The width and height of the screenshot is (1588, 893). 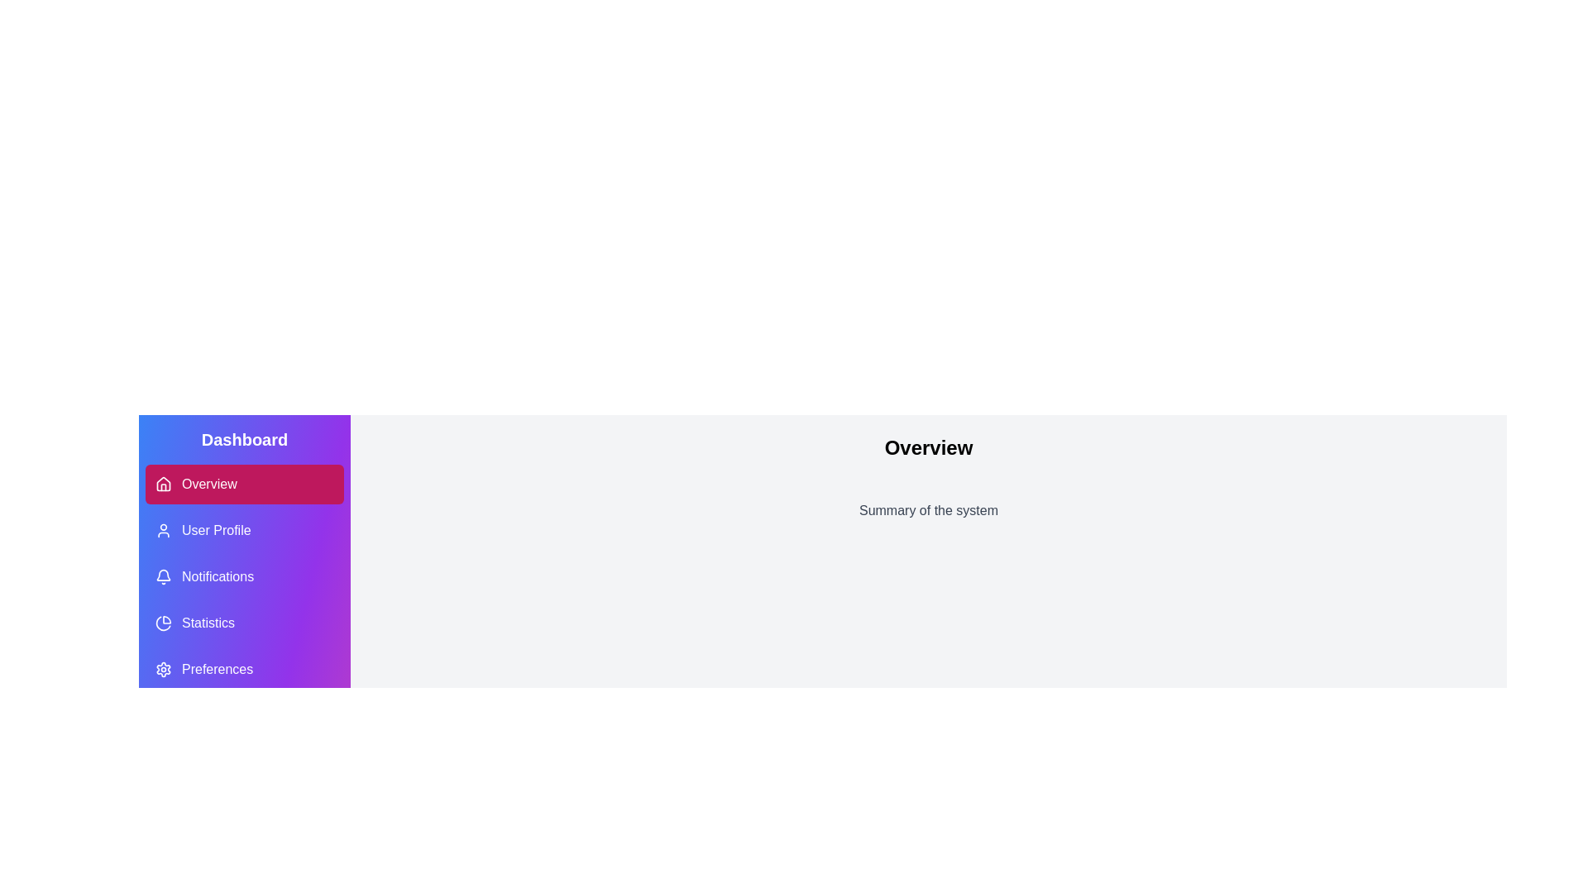 What do you see at coordinates (163, 576) in the screenshot?
I see `the bell icon used as a visual indicator for the Notifications section of the navigation menu, which is located to the left of the descriptive text 'Notifications'` at bounding box center [163, 576].